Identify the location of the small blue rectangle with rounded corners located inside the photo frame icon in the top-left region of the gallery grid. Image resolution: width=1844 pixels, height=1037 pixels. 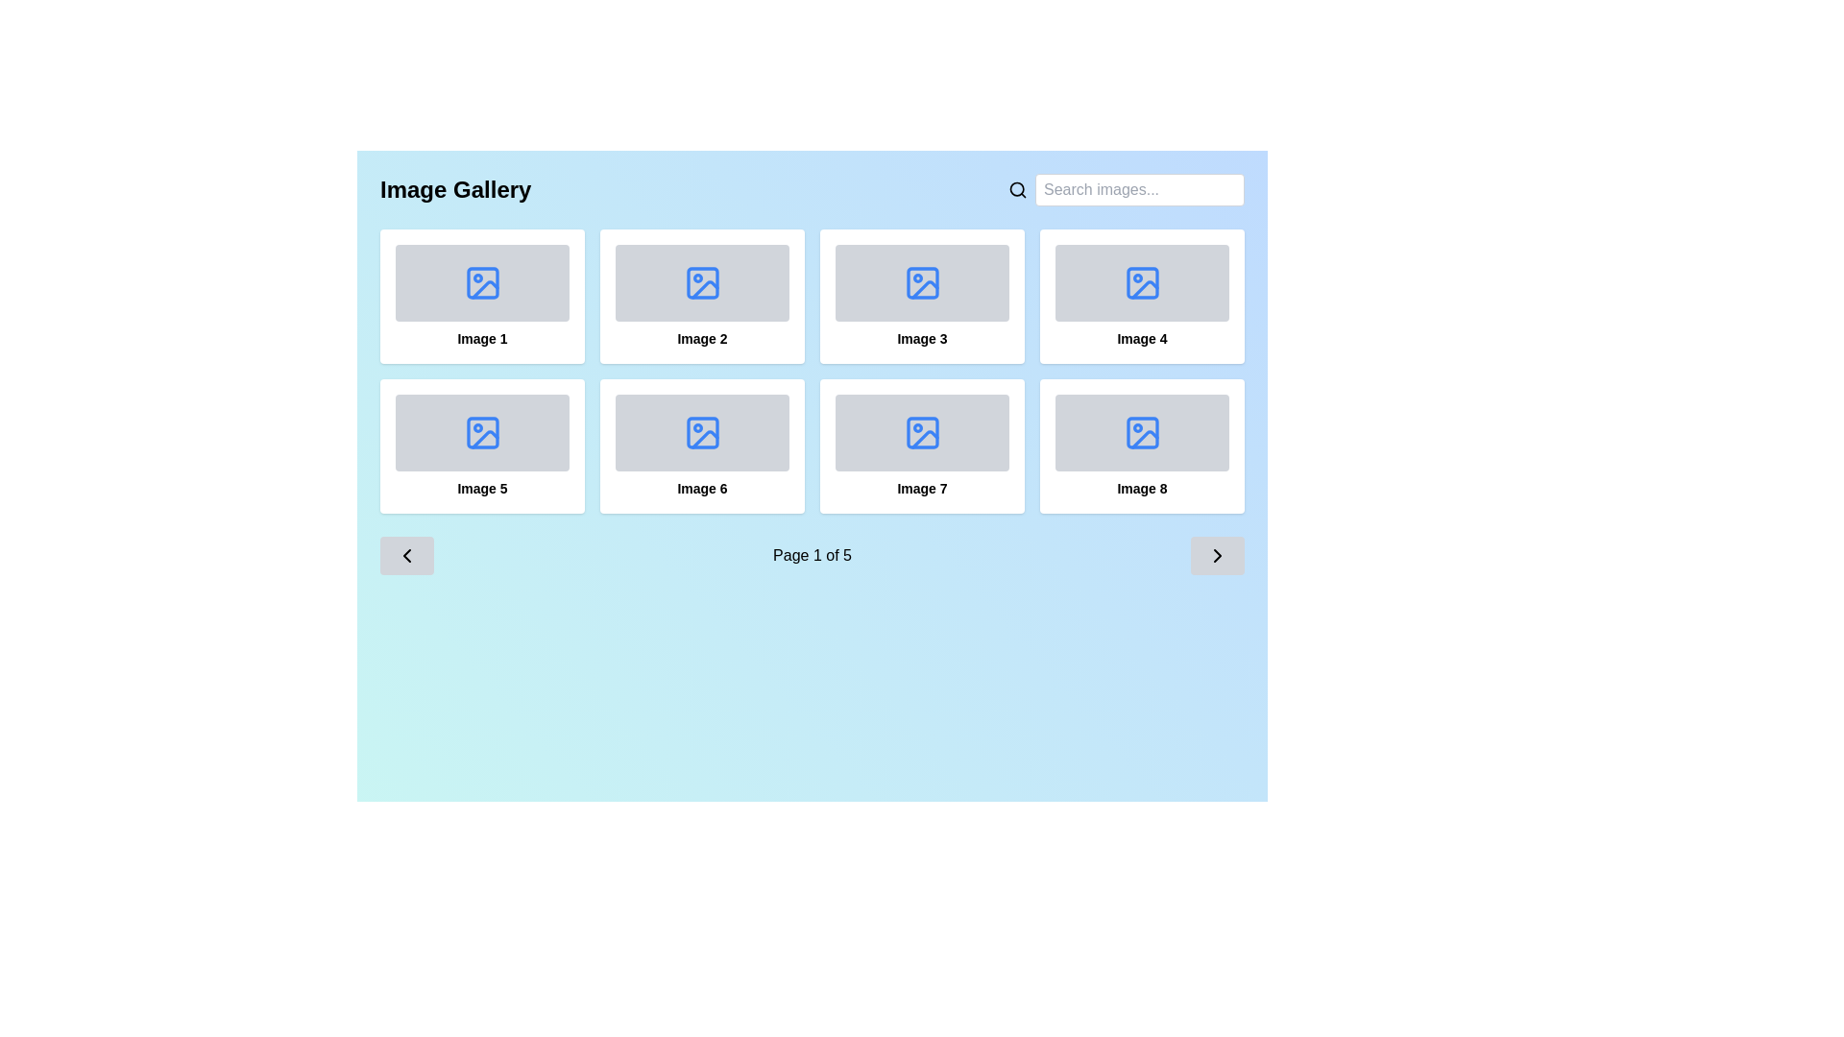
(482, 282).